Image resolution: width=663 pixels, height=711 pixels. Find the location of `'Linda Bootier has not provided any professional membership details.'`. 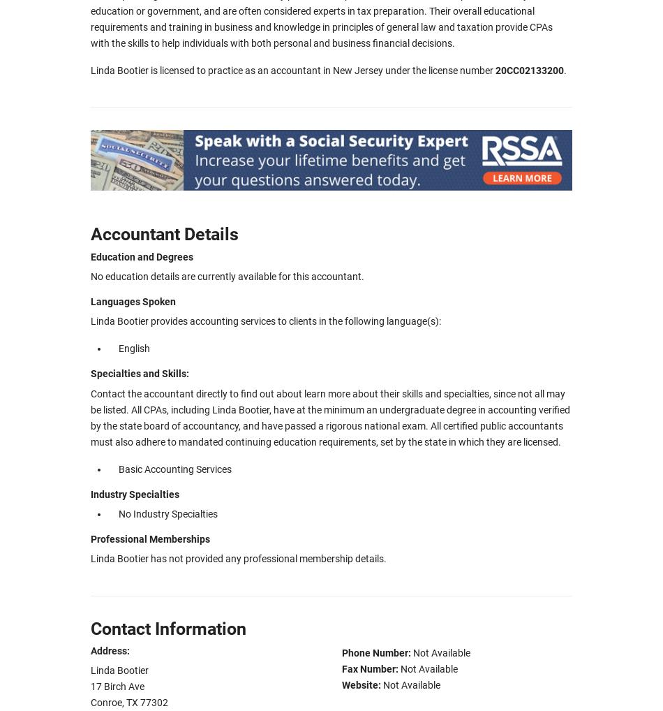

'Linda Bootier has not provided any professional membership details.' is located at coordinates (238, 559).